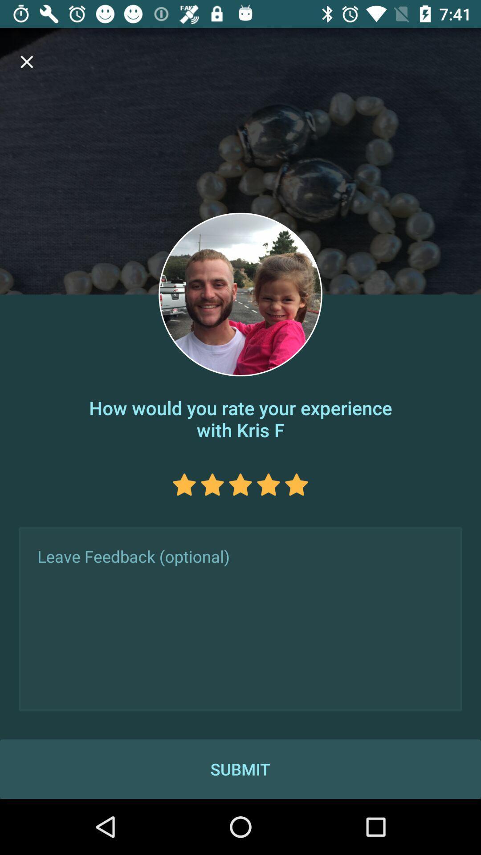 This screenshot has height=855, width=481. What do you see at coordinates (268, 484) in the screenshot?
I see `4th star in star feedback` at bounding box center [268, 484].